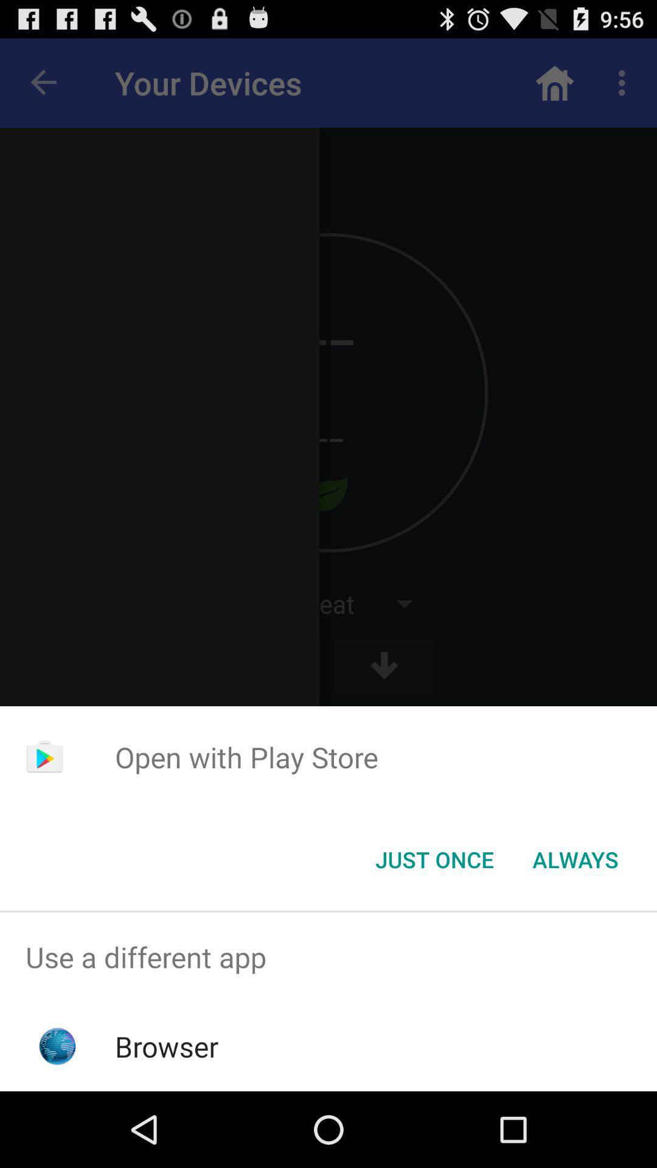  I want to click on always item, so click(575, 858).